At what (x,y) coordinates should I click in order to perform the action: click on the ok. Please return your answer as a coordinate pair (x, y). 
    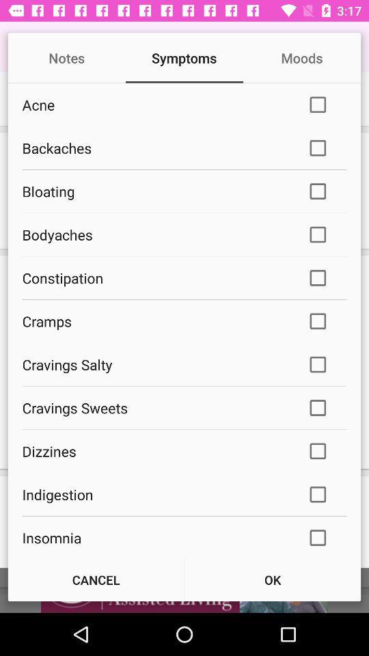
    Looking at the image, I should click on (273, 579).